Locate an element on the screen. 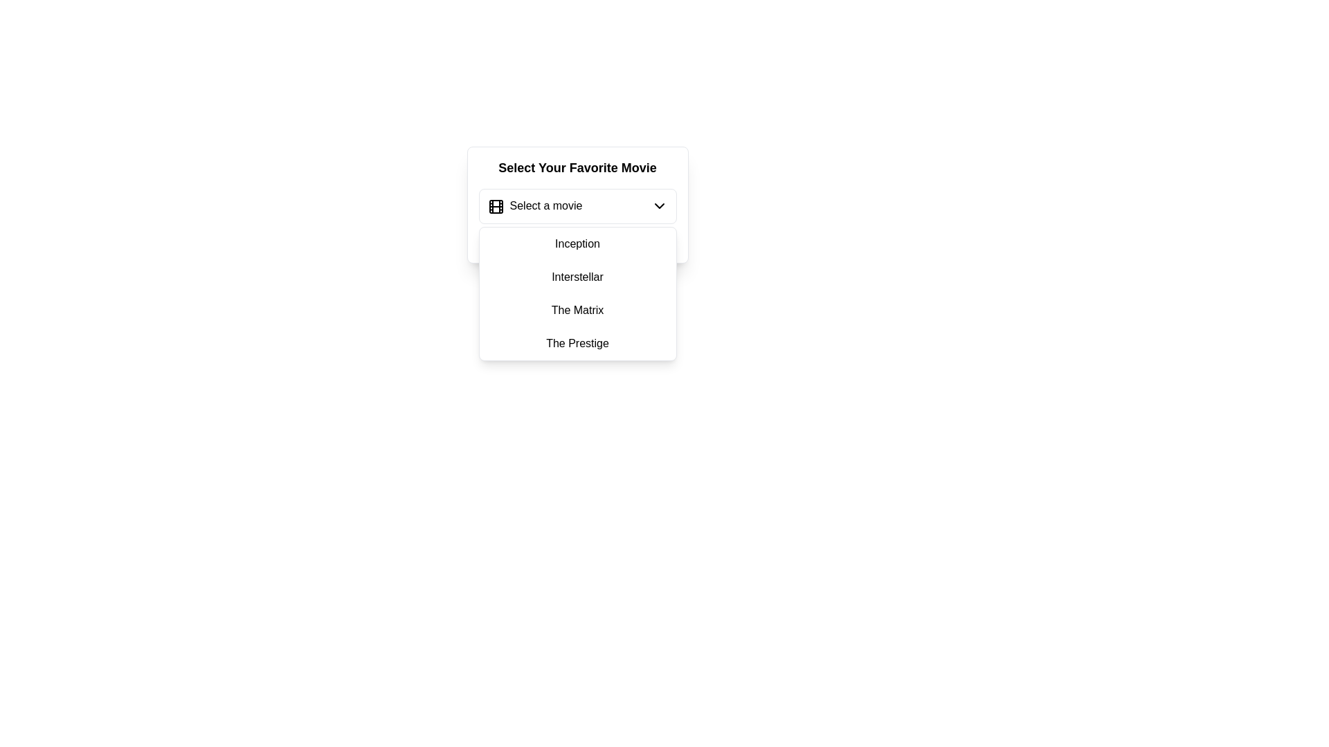  the Decorative Icon Component, which is a rectangular shape with rounded corners located at the top-left corner of a dropdown selection field, part of an SVG styled as a film reel is located at coordinates (496, 206).